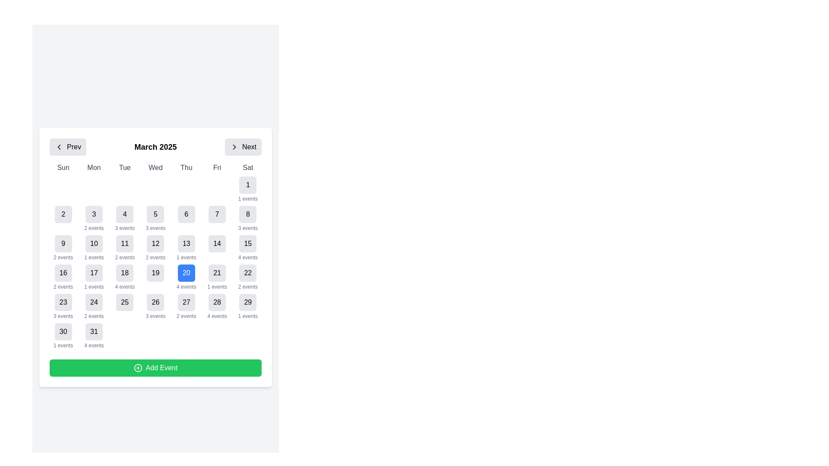  What do you see at coordinates (94, 273) in the screenshot?
I see `the rounded square button with a light gray background containing the number '17'` at bounding box center [94, 273].